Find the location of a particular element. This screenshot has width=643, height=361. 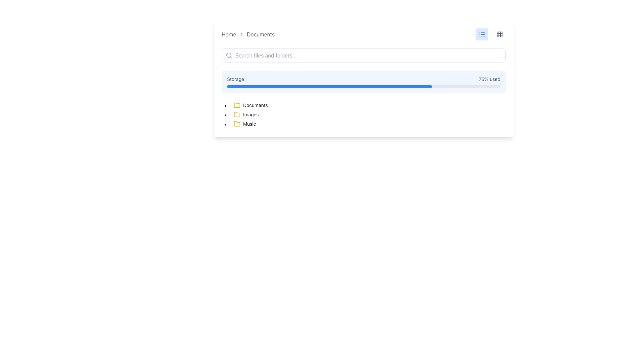

the folder icon located at the far-left side of the 'Documents' label is located at coordinates (237, 105).